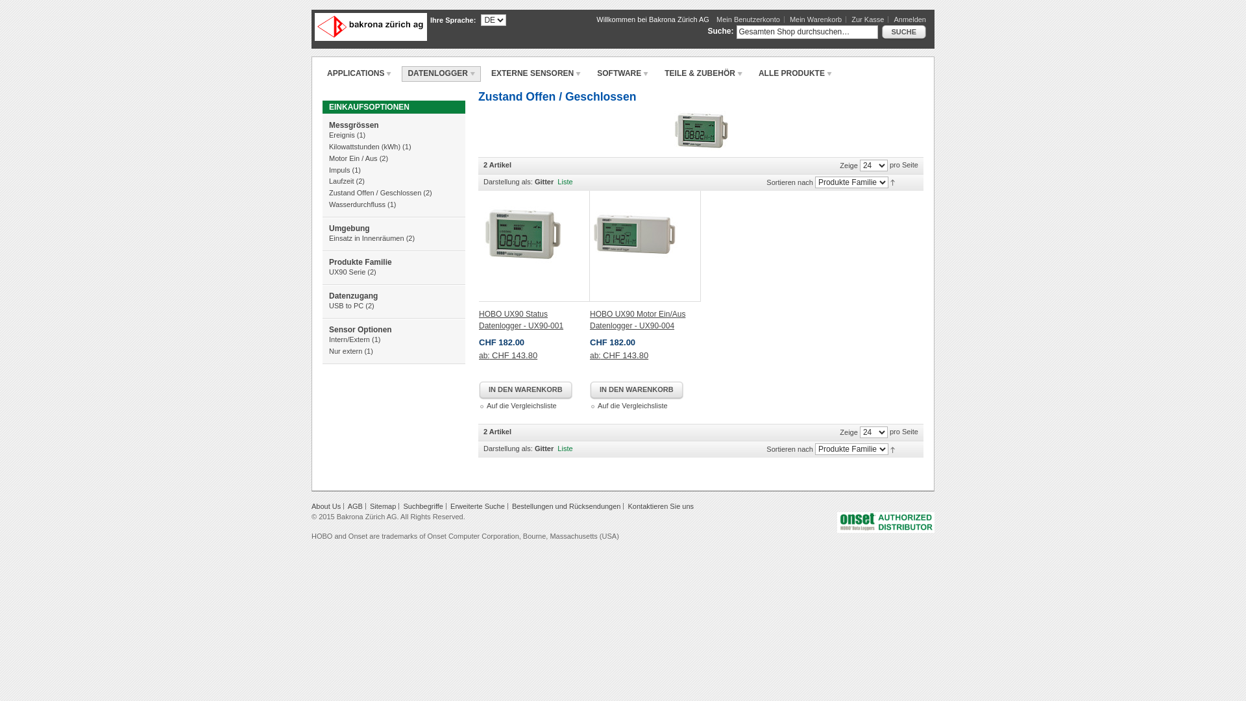 This screenshot has height=701, width=1246. What do you see at coordinates (534, 246) in the screenshot?
I see `'HOBO UX90 State Logger - UX90-001'` at bounding box center [534, 246].